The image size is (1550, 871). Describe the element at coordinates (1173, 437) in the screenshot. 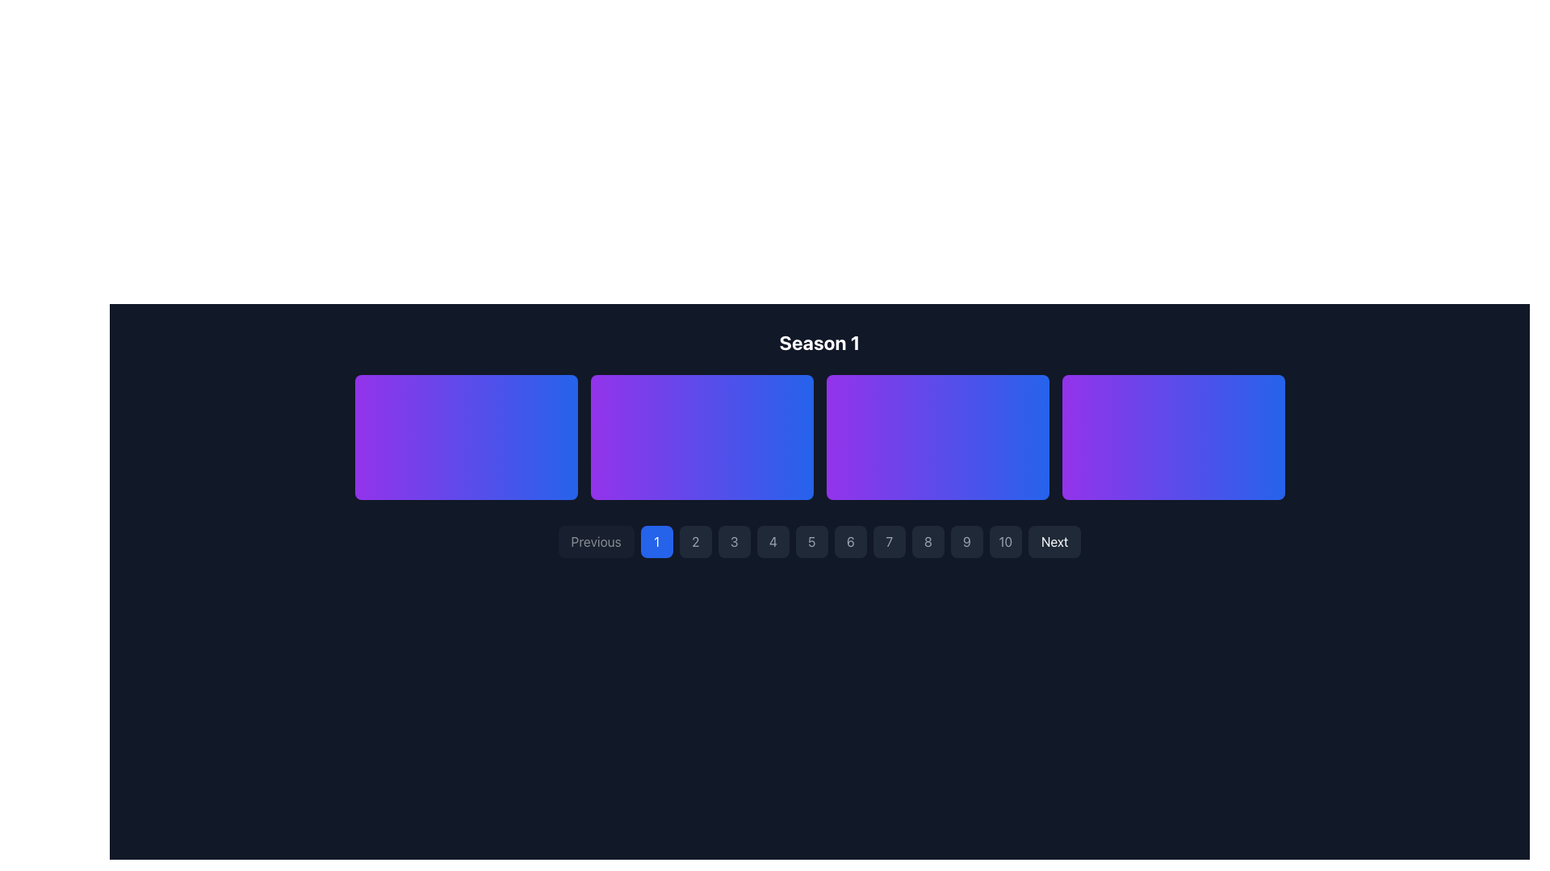

I see `the fourth thumbnail card element in the grid` at that location.